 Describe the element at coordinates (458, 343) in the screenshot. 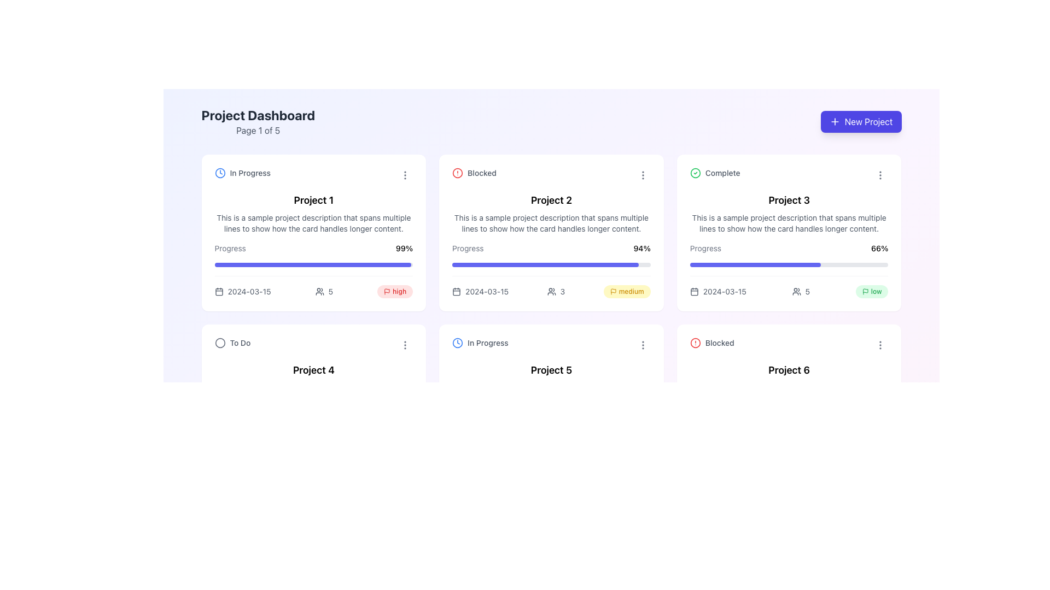

I see `the status icon located at the top-left corner of the 'Project 5' card, which indicates the ongoing state of the project labeled 'In Progress'` at that location.